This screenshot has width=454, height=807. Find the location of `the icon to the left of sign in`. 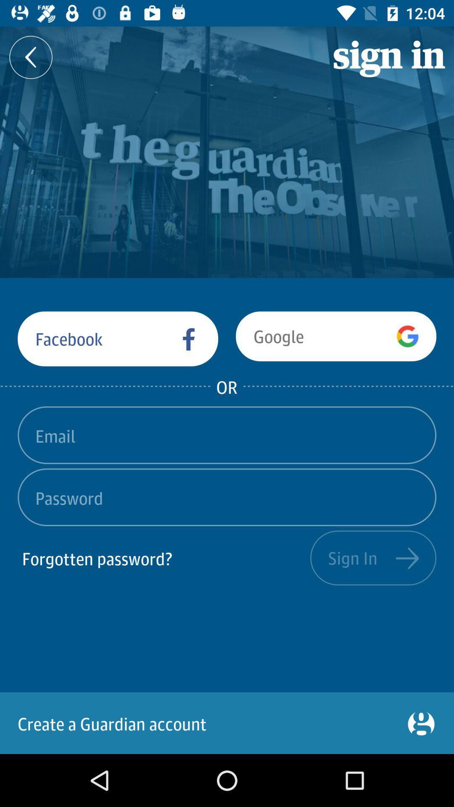

the icon to the left of sign in is located at coordinates (30, 57).